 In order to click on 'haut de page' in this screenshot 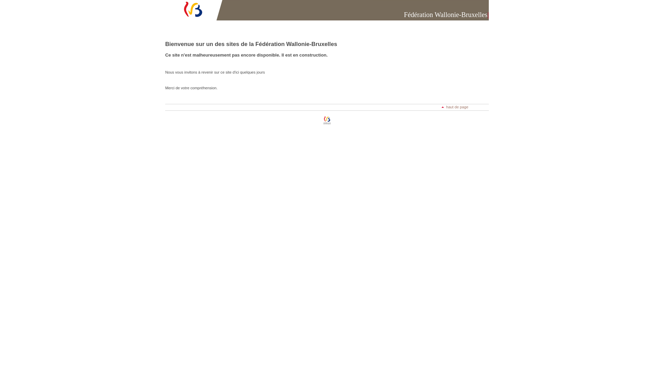, I will do `click(441, 107)`.